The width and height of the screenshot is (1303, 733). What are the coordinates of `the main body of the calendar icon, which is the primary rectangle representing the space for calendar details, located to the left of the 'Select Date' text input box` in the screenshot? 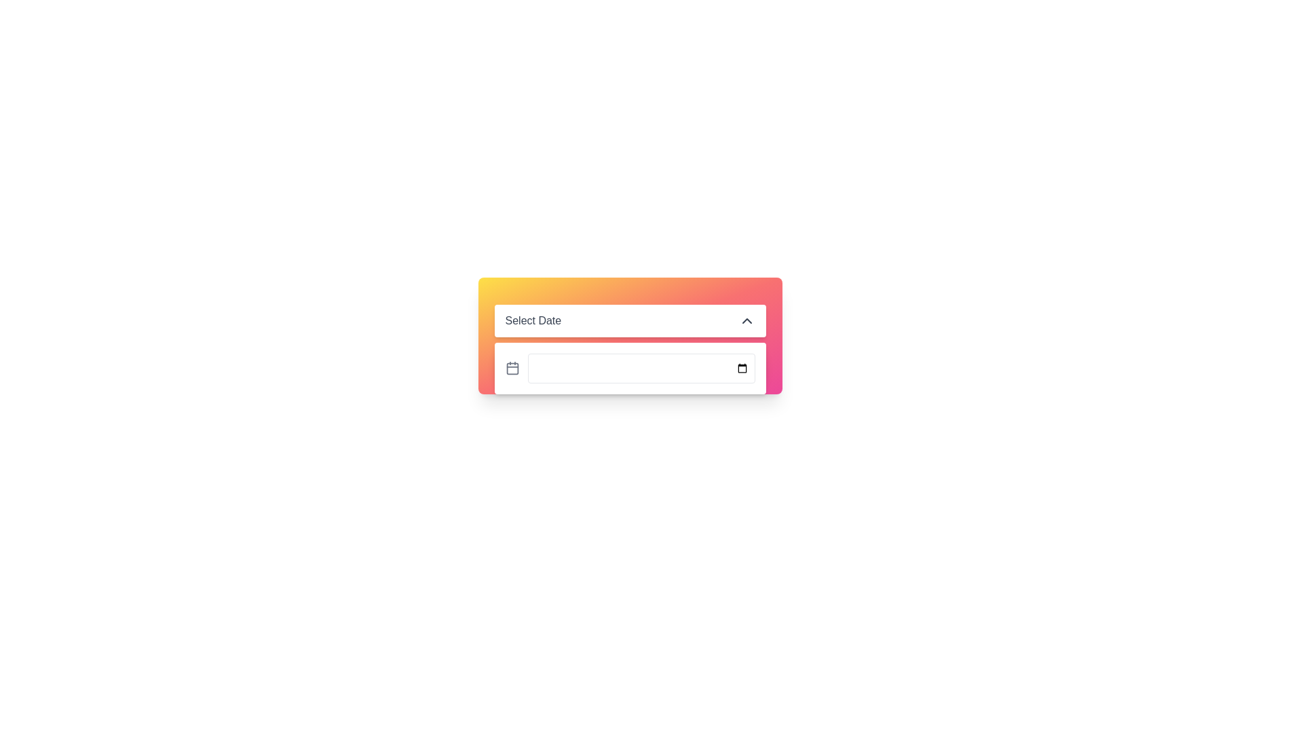 It's located at (512, 369).